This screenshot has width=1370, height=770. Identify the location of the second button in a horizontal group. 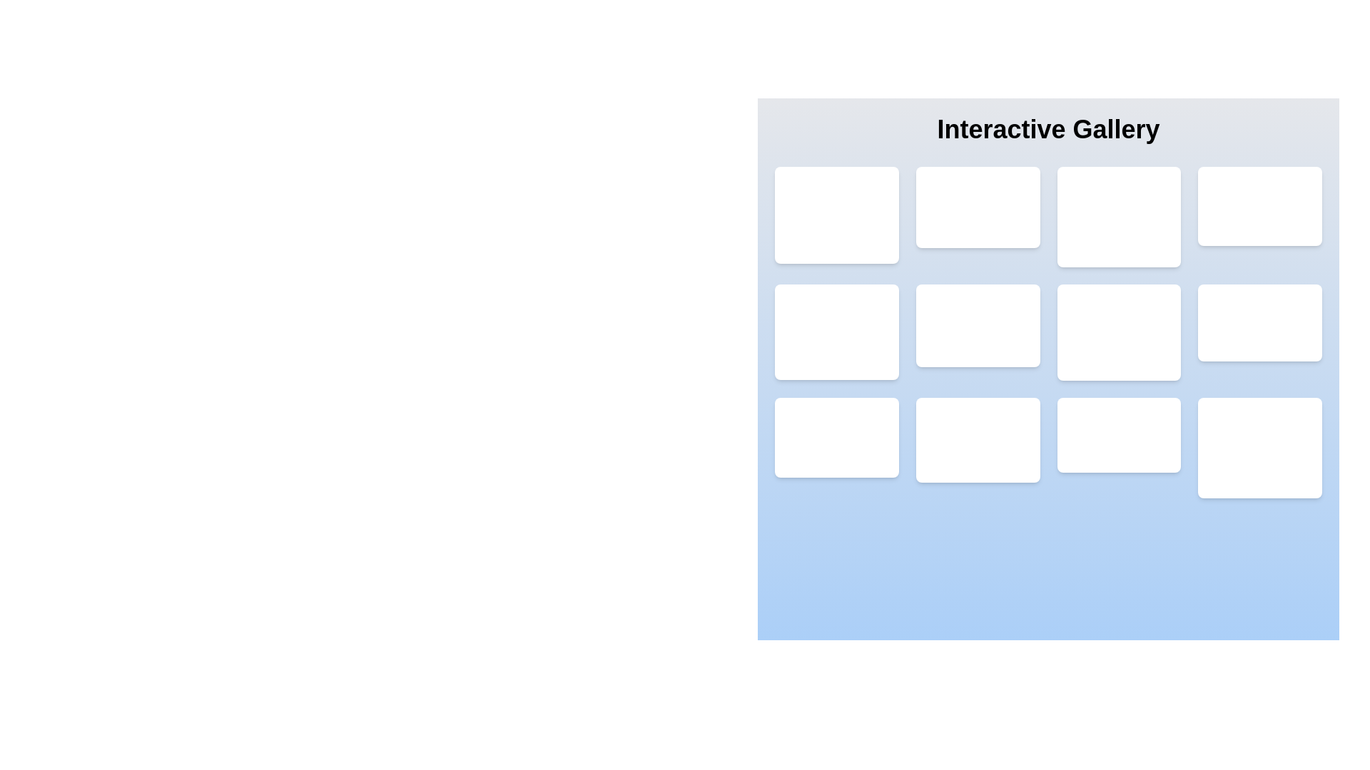
(853, 470).